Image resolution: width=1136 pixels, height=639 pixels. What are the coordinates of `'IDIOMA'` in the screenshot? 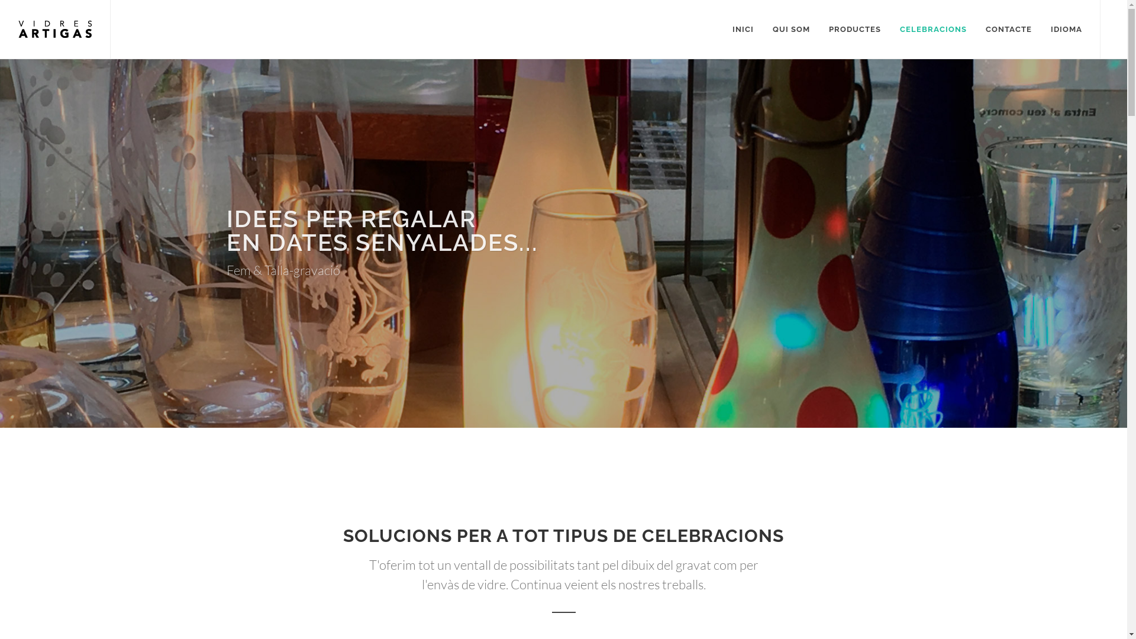 It's located at (1066, 29).